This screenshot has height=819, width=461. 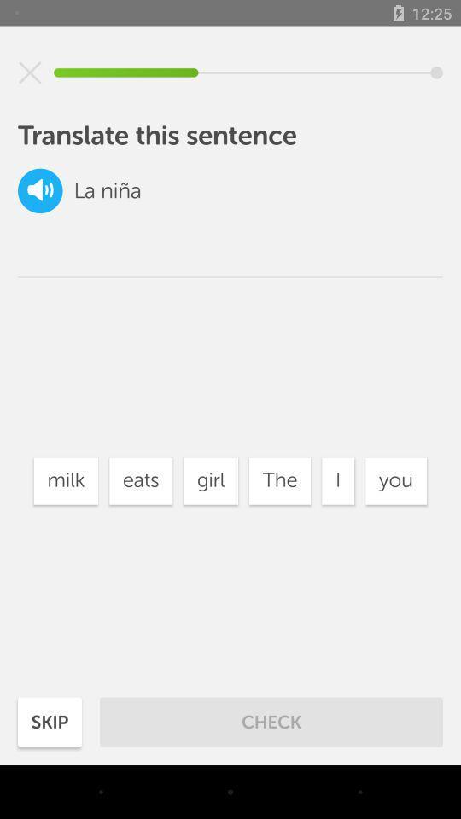 I want to click on the milk item, so click(x=65, y=481).